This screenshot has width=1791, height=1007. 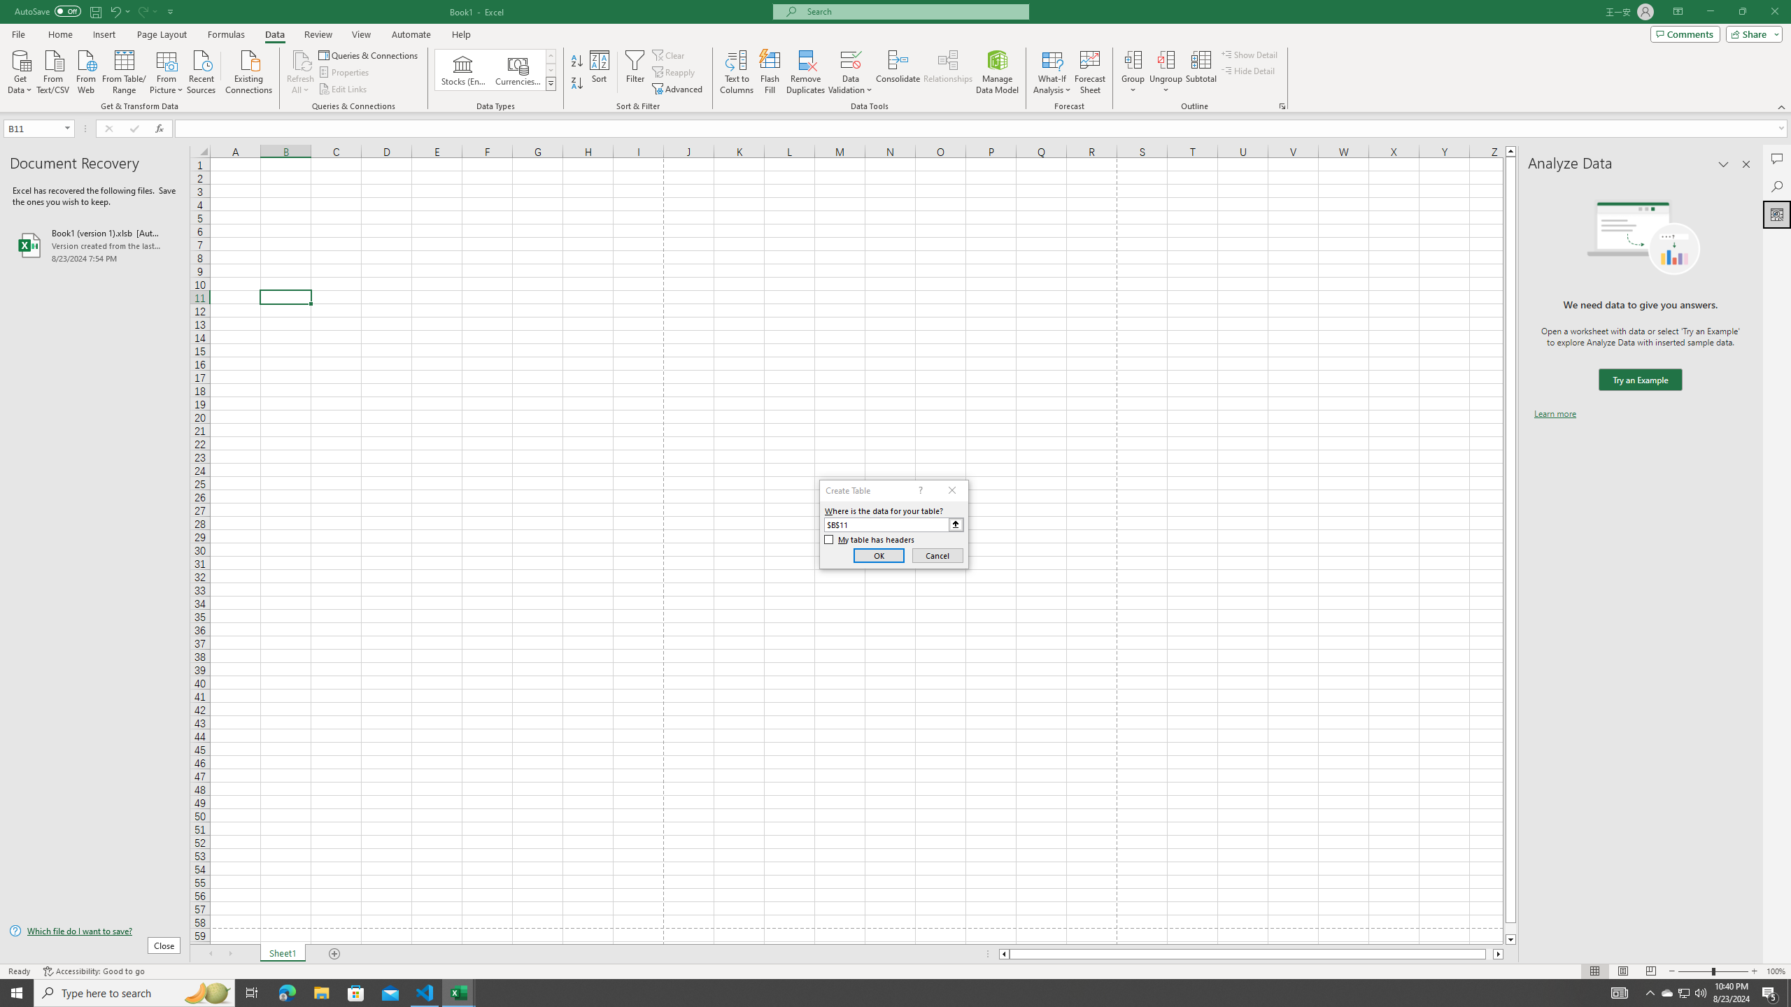 What do you see at coordinates (551, 56) in the screenshot?
I see `'Row up'` at bounding box center [551, 56].